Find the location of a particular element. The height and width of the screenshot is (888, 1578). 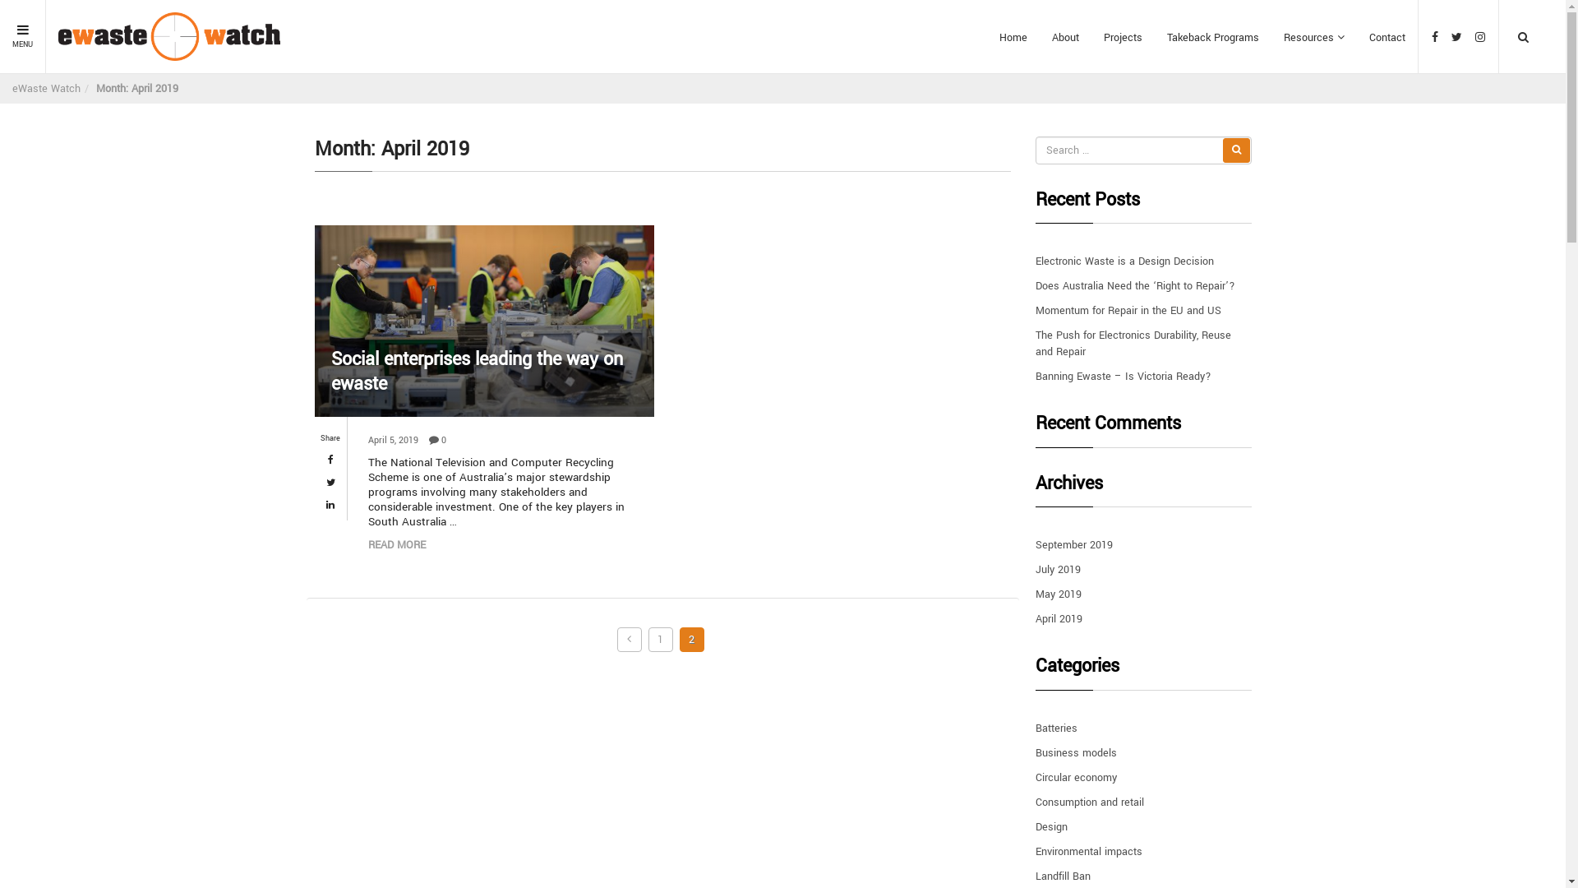

'Social enterprises leading the way on ewaste' is located at coordinates (483, 371).